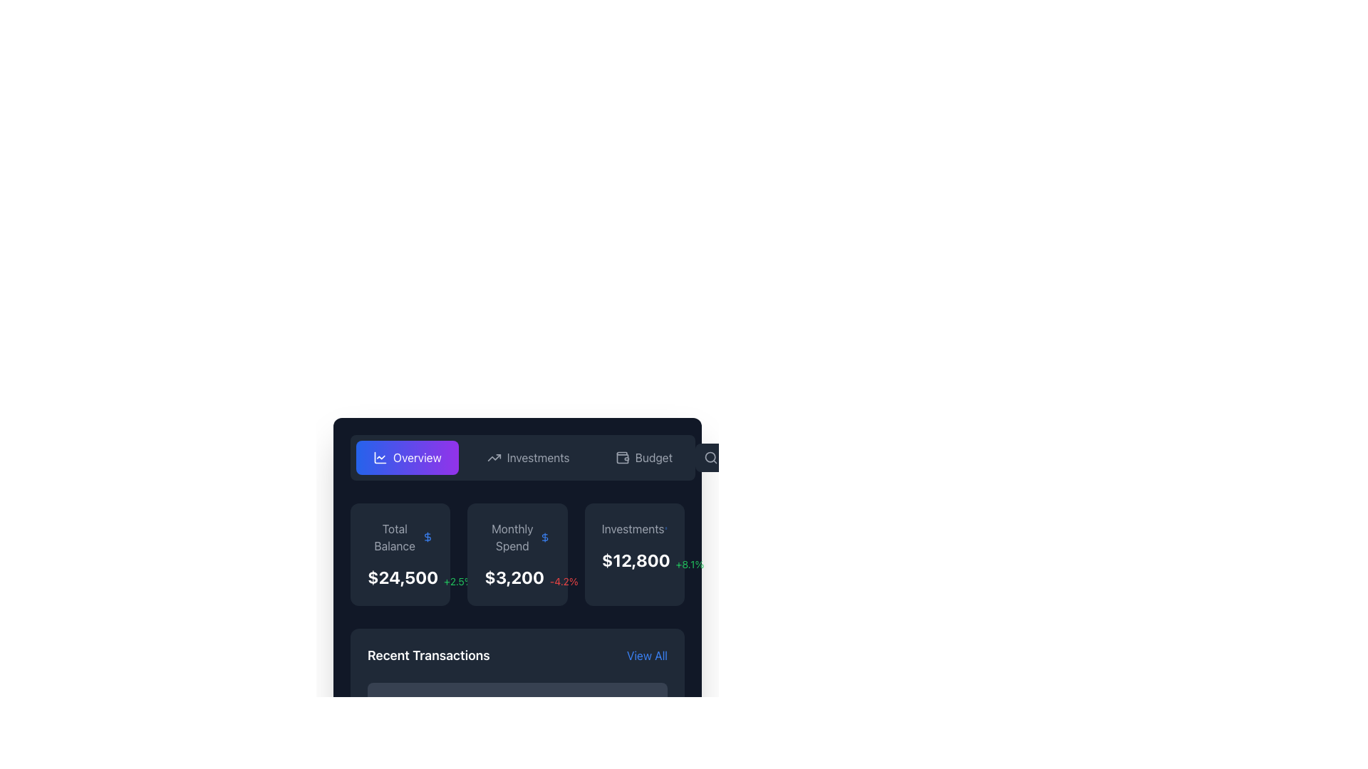 The height and width of the screenshot is (769, 1368). What do you see at coordinates (537, 458) in the screenshot?
I see `the 'Investments' text label in the navigation bar` at bounding box center [537, 458].